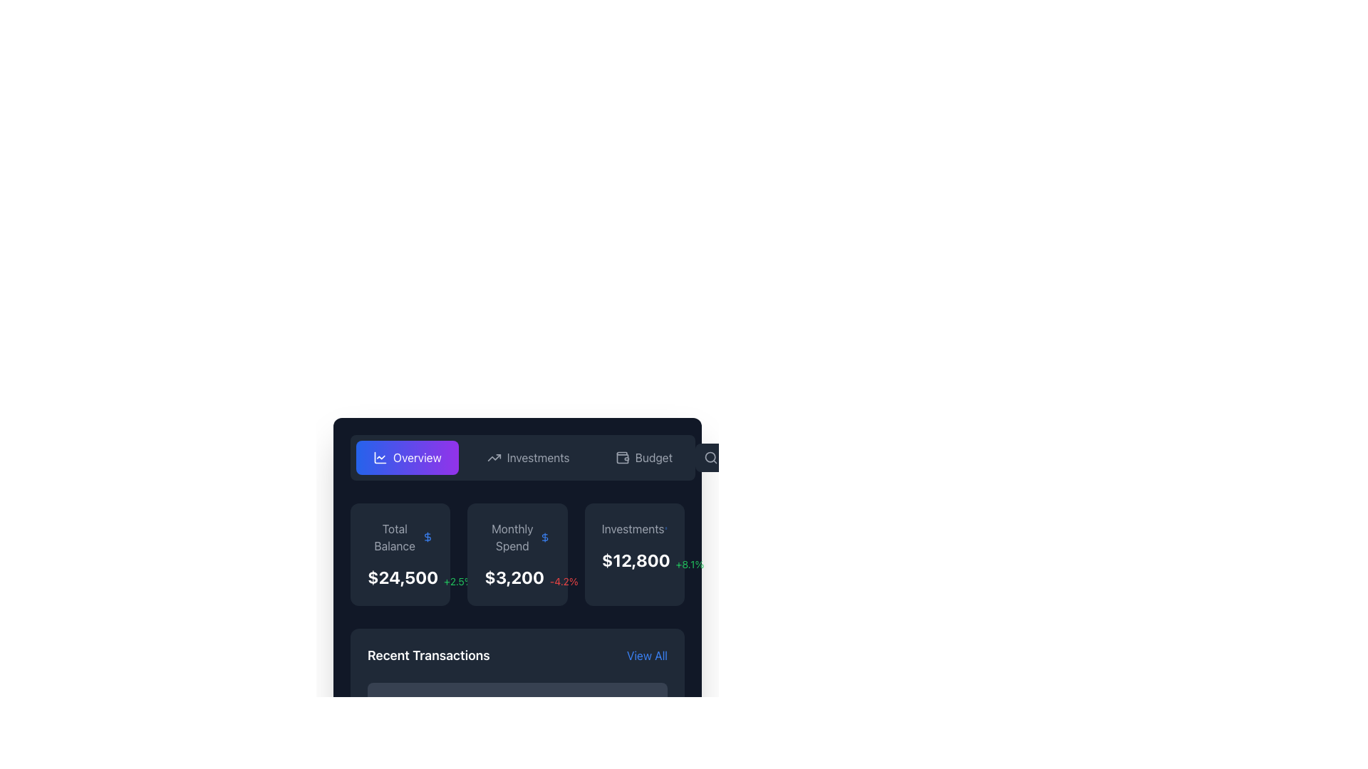 The height and width of the screenshot is (769, 1368). What do you see at coordinates (537, 458) in the screenshot?
I see `the 'Investments' text label in the navigation bar` at bounding box center [537, 458].